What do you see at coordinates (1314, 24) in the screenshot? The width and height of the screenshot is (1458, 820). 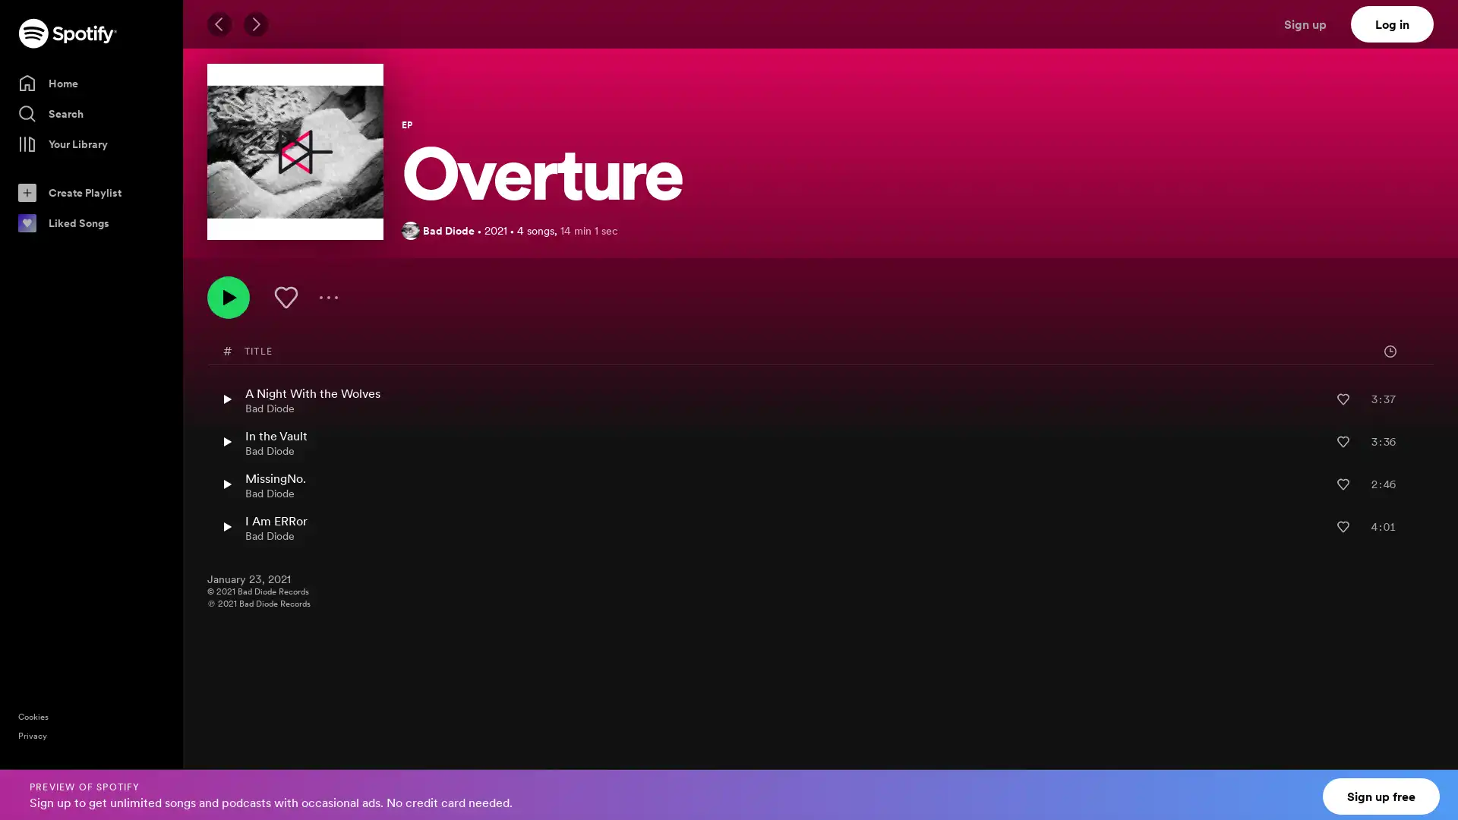 I see `Sign up` at bounding box center [1314, 24].